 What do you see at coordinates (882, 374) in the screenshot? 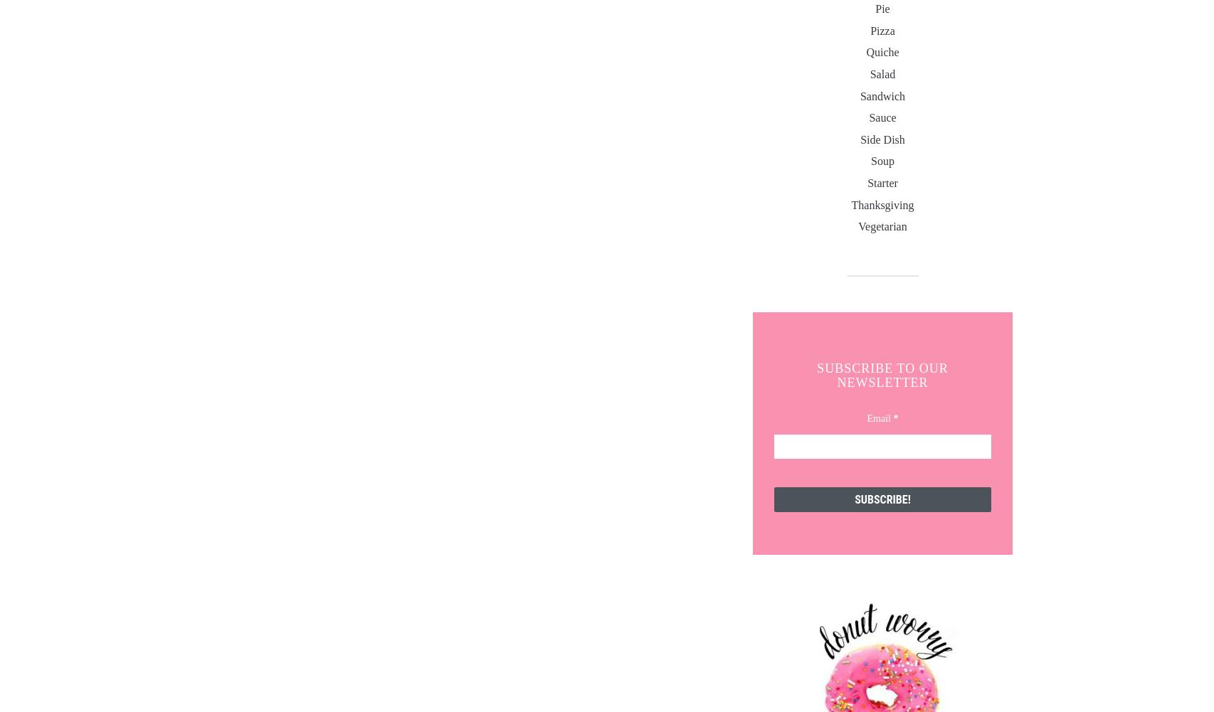
I see `'Subscribe to our Newsletter'` at bounding box center [882, 374].